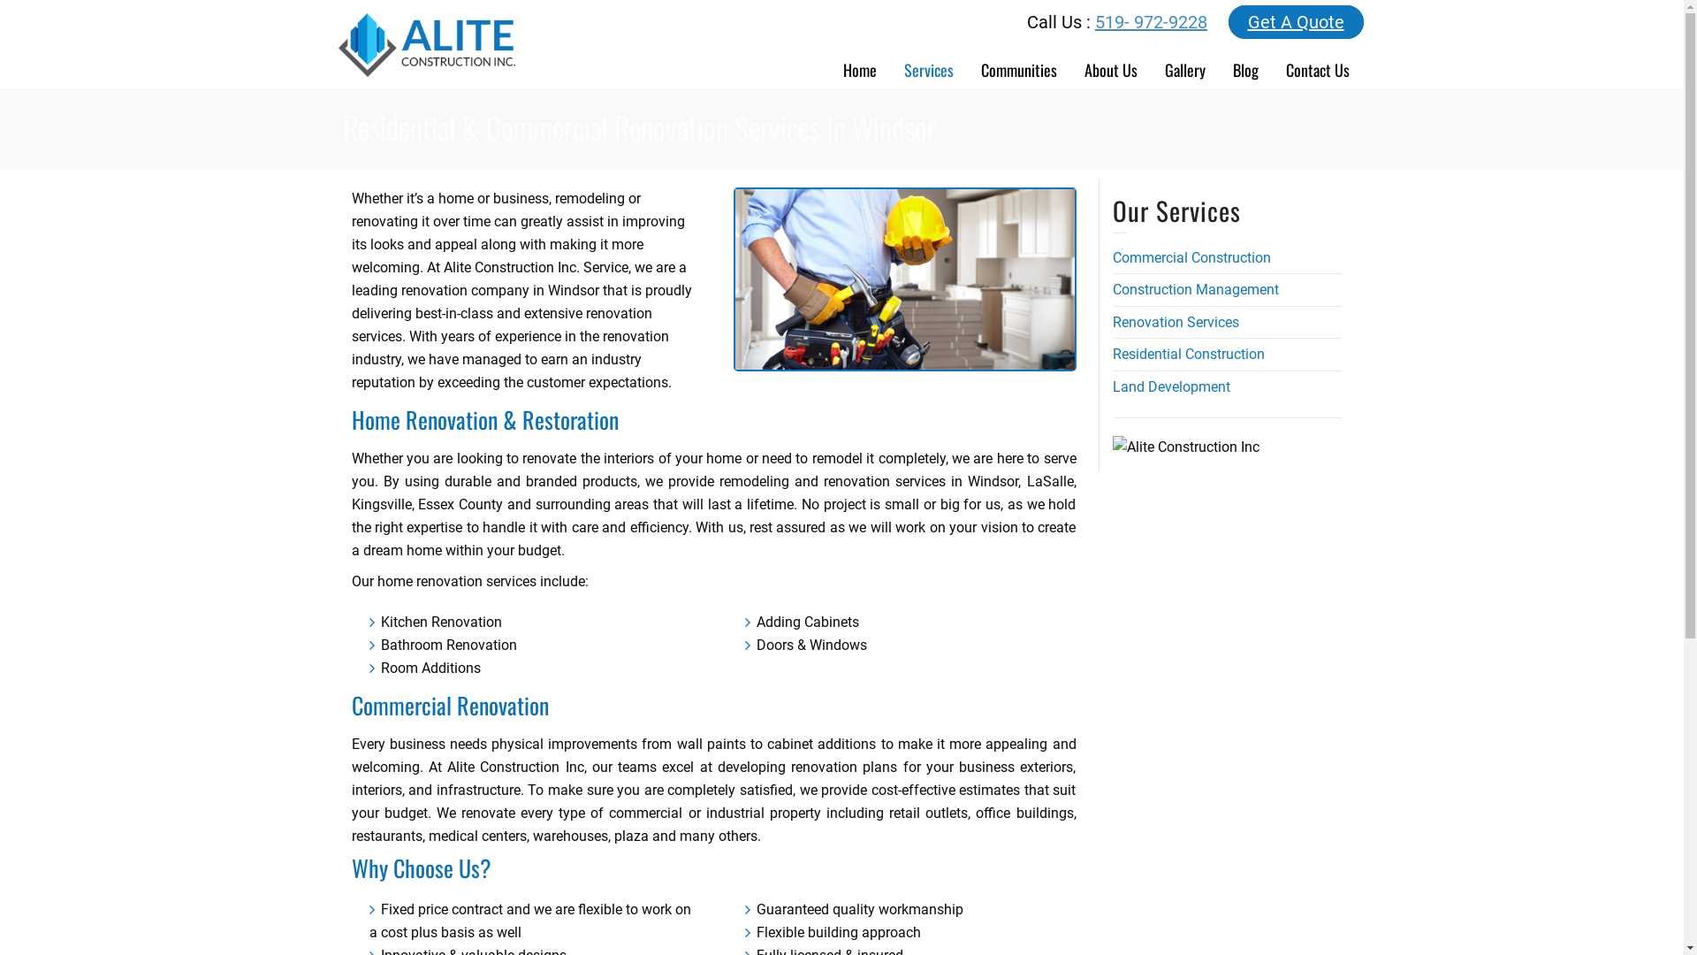  What do you see at coordinates (859, 63) in the screenshot?
I see `'Home'` at bounding box center [859, 63].